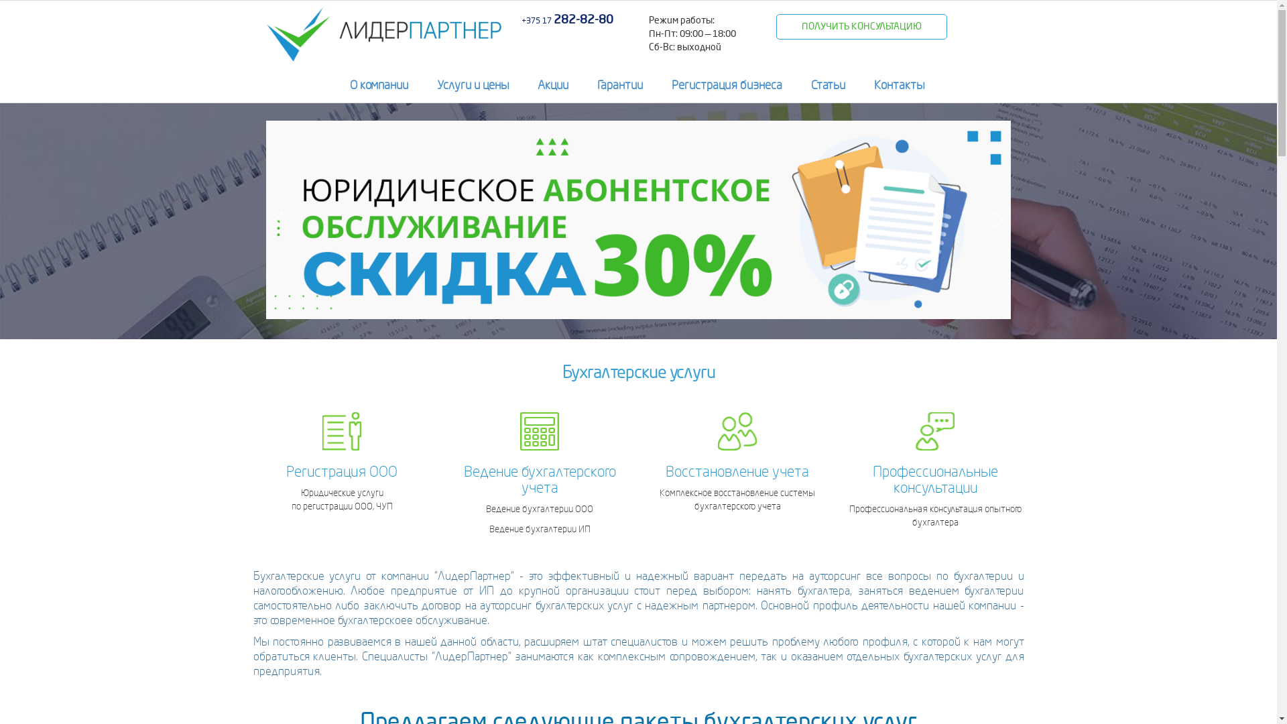  I want to click on '+375 17 282-82-80', so click(567, 20).